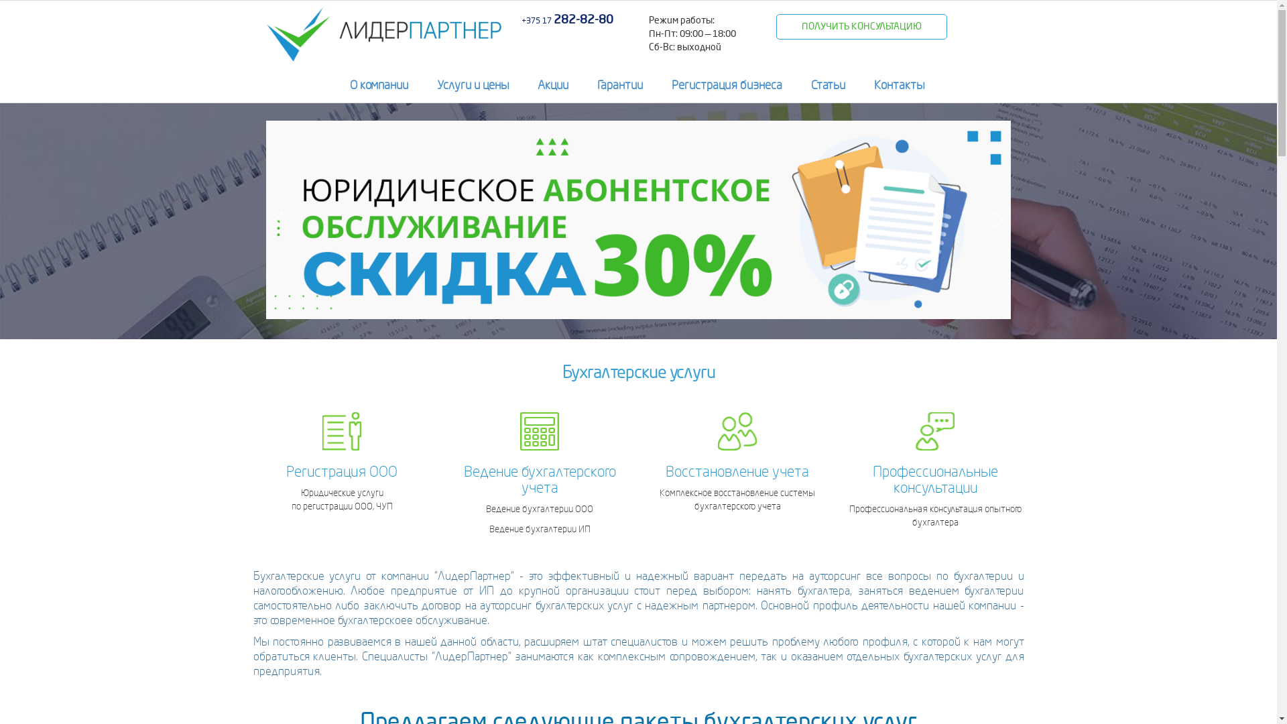  I want to click on '+375 17 282-82-80', so click(567, 20).